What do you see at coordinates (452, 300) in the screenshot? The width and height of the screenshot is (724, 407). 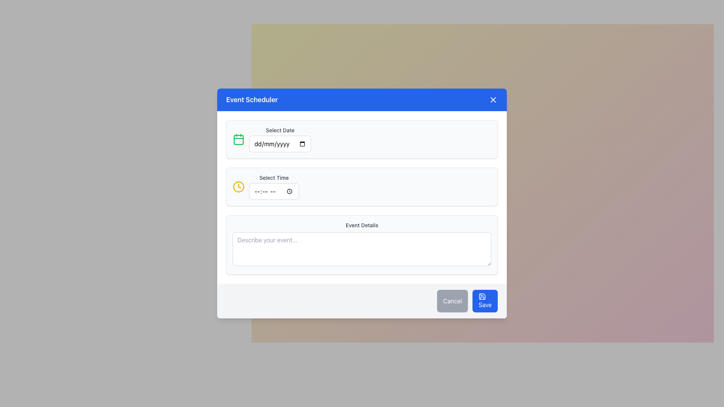 I see `the 'Cancel' button located in the footer section of the modal dialog to change its appearance` at bounding box center [452, 300].